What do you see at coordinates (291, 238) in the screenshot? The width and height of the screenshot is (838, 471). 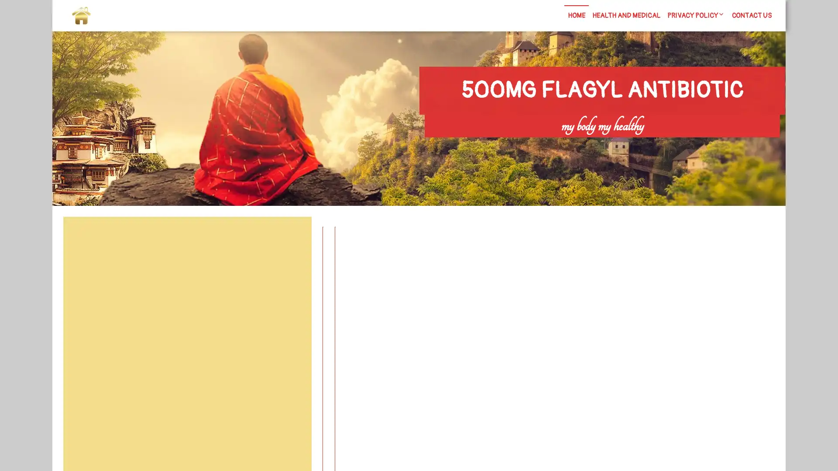 I see `Search` at bounding box center [291, 238].